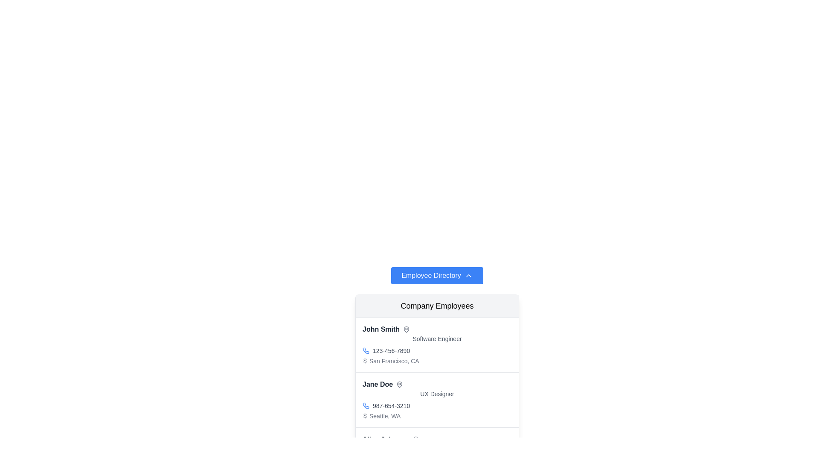  What do you see at coordinates (437, 275) in the screenshot?
I see `the blue button labeled 'Employee Directory' with a white upward-pointing chevron icon` at bounding box center [437, 275].